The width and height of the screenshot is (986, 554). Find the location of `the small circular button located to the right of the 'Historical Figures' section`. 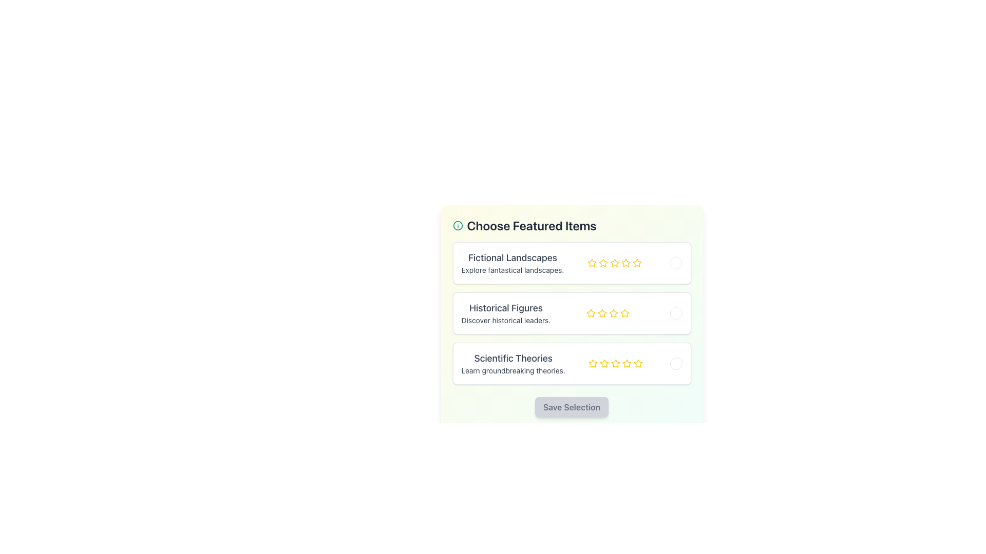

the small circular button located to the right of the 'Historical Figures' section is located at coordinates (676, 312).